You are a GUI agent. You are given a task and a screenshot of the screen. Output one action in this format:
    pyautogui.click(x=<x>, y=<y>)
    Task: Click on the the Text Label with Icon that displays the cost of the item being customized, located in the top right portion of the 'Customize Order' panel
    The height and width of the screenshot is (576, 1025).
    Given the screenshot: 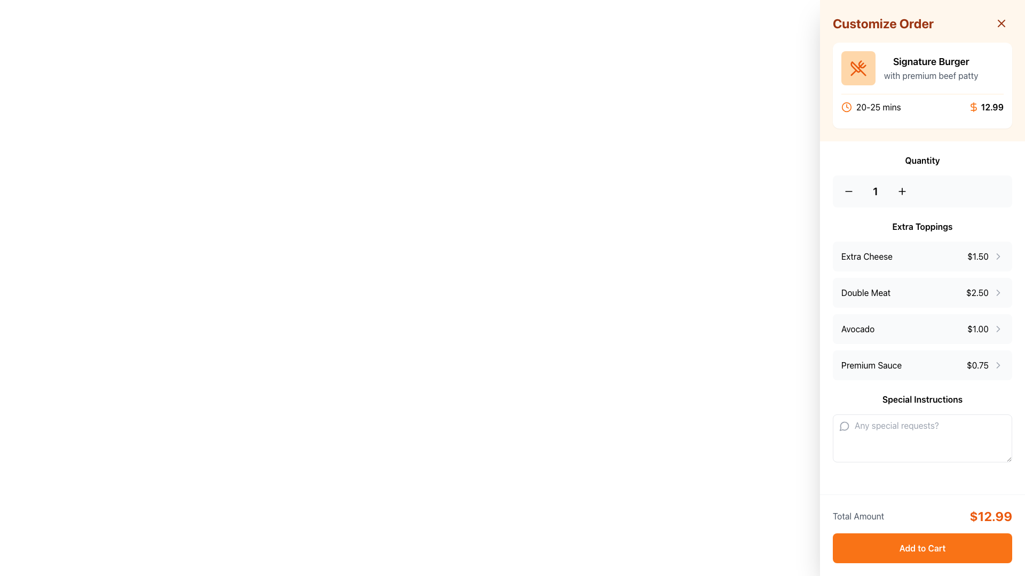 What is the action you would take?
    pyautogui.click(x=985, y=107)
    